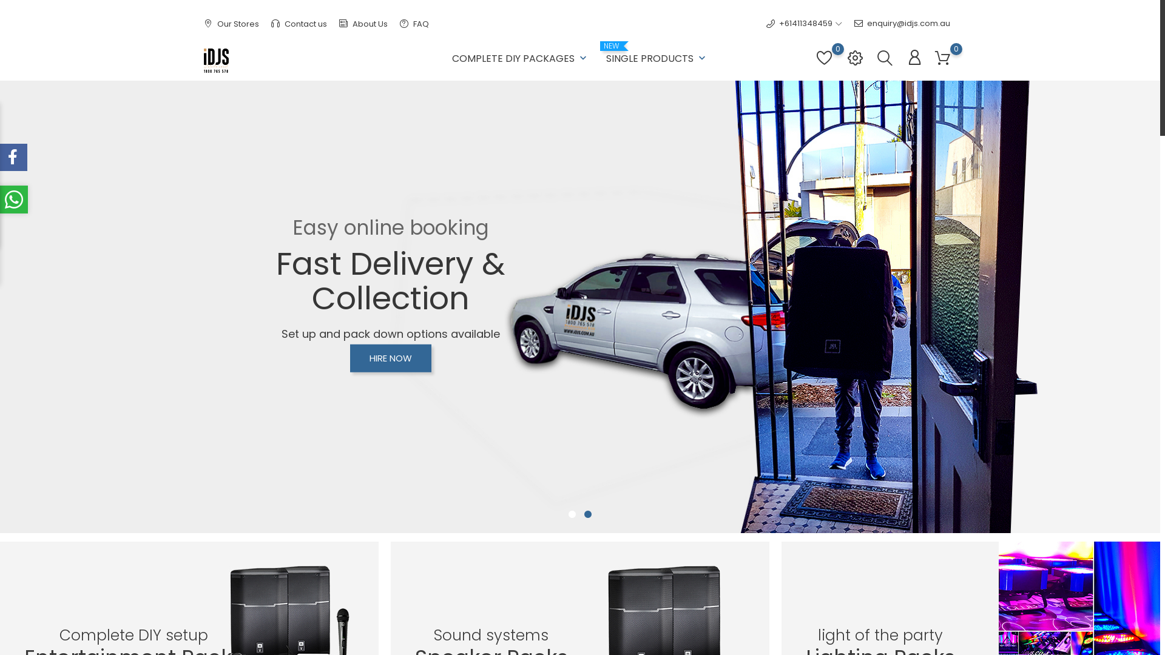 The image size is (1165, 655). Describe the element at coordinates (414, 24) in the screenshot. I see `'FAQ'` at that location.